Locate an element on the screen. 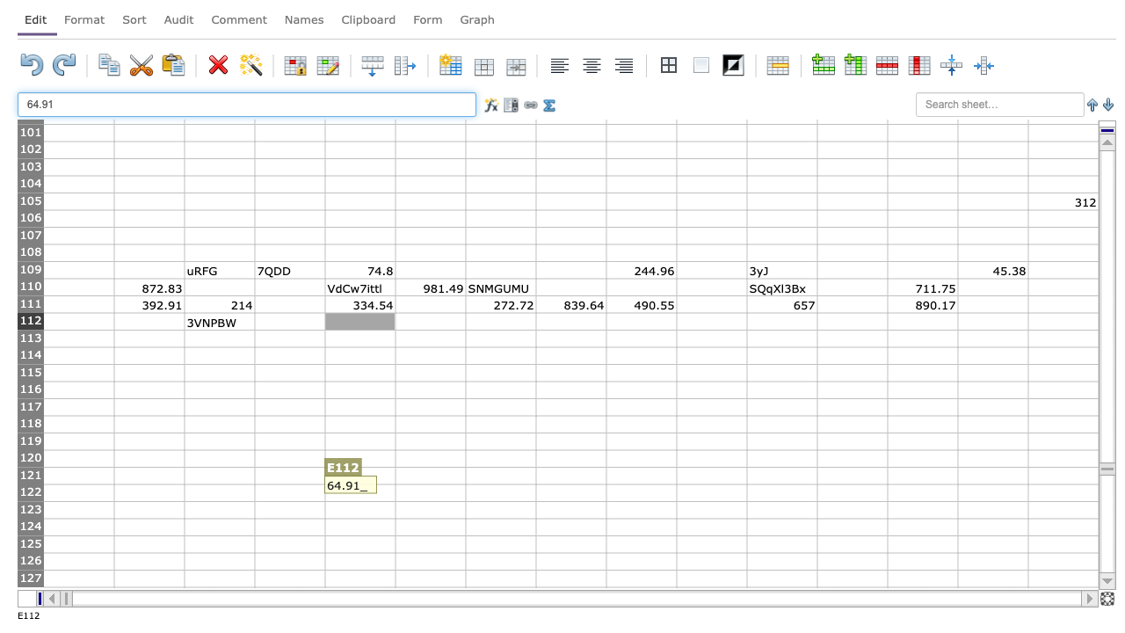 Image resolution: width=1125 pixels, height=633 pixels. H122 is located at coordinates (570, 492).